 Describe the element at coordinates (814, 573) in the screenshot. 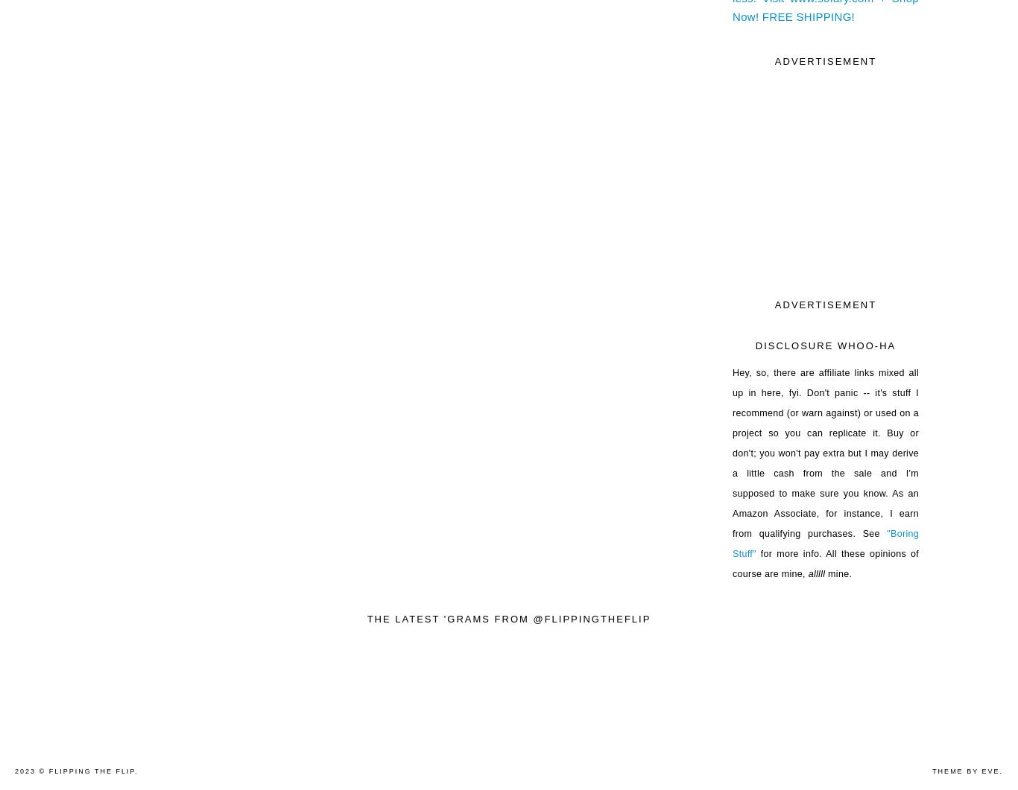

I see `'alllll'` at that location.